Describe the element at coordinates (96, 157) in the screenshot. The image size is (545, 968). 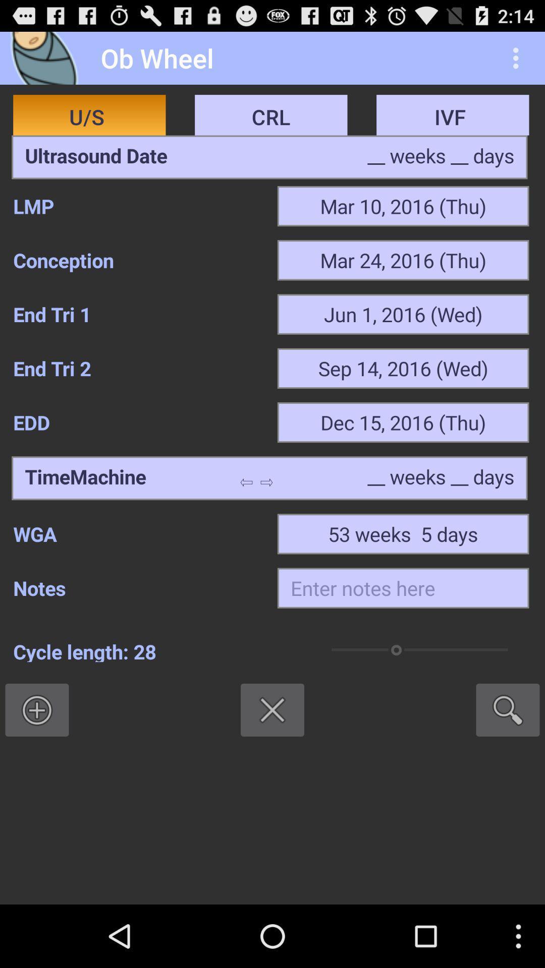
I see `ultrasound date` at that location.